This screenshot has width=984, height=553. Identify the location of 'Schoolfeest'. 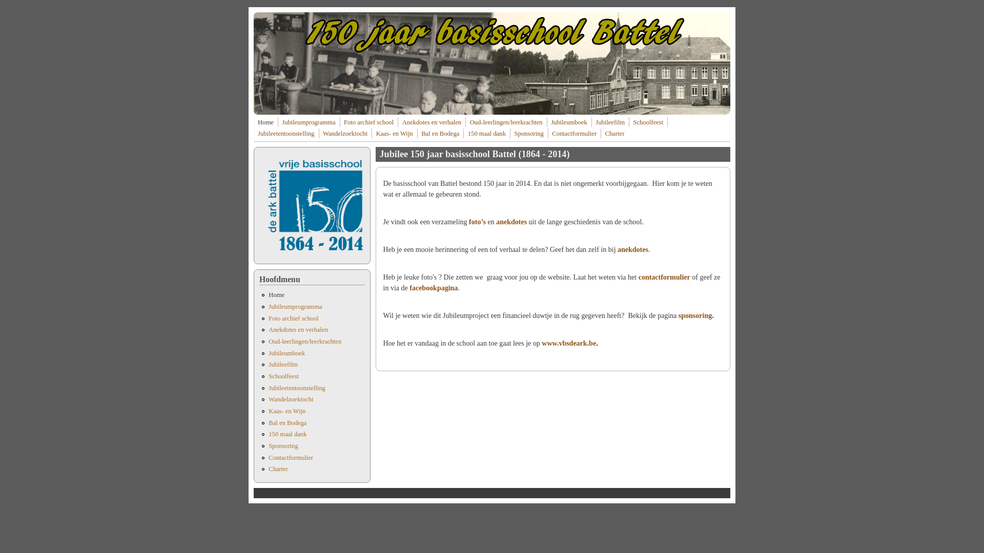
(283, 376).